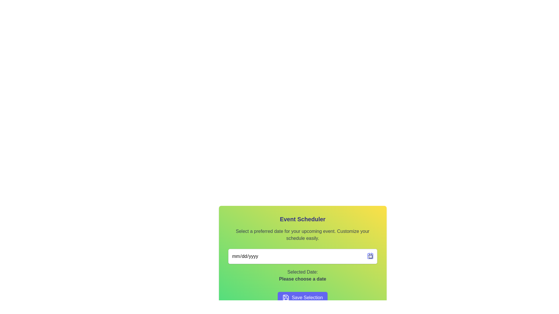  Describe the element at coordinates (303, 259) in the screenshot. I see `a date in the input box located in the central Form section of the UI, which is surrounded by text elements above and a button below` at that location.